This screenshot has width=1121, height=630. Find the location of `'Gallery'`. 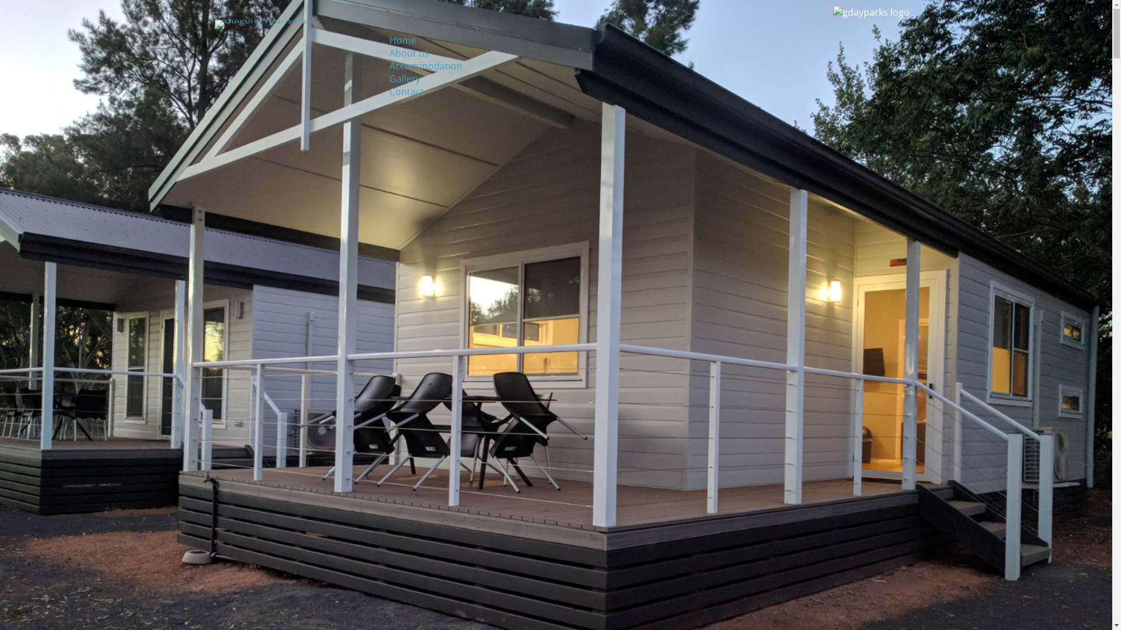

'Gallery' is located at coordinates (405, 79).